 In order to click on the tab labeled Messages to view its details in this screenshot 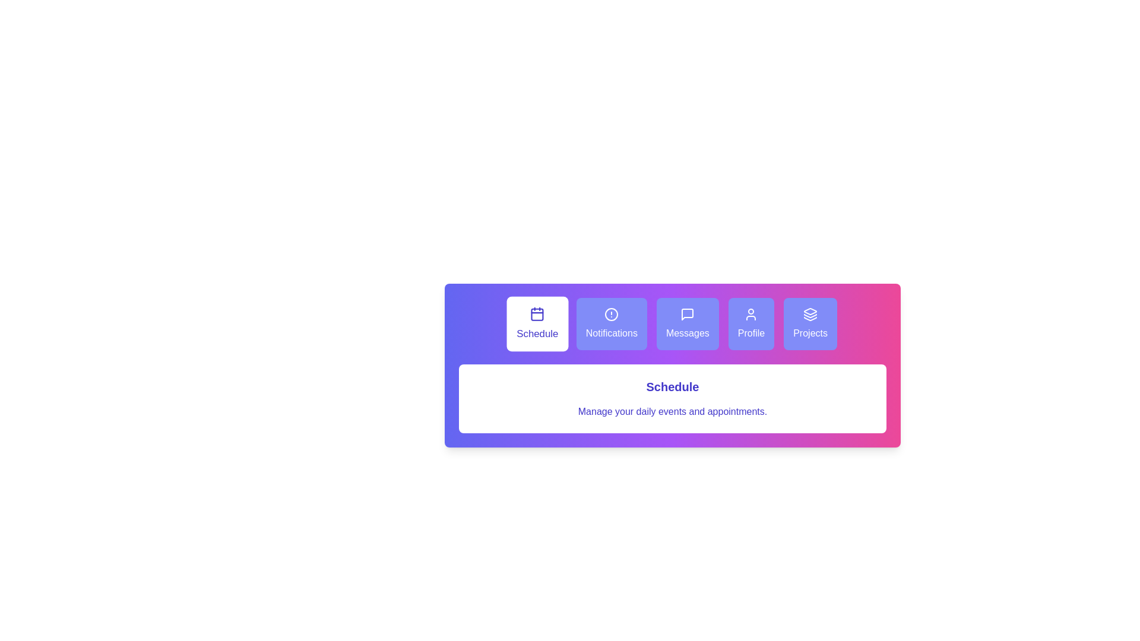, I will do `click(687, 324)`.